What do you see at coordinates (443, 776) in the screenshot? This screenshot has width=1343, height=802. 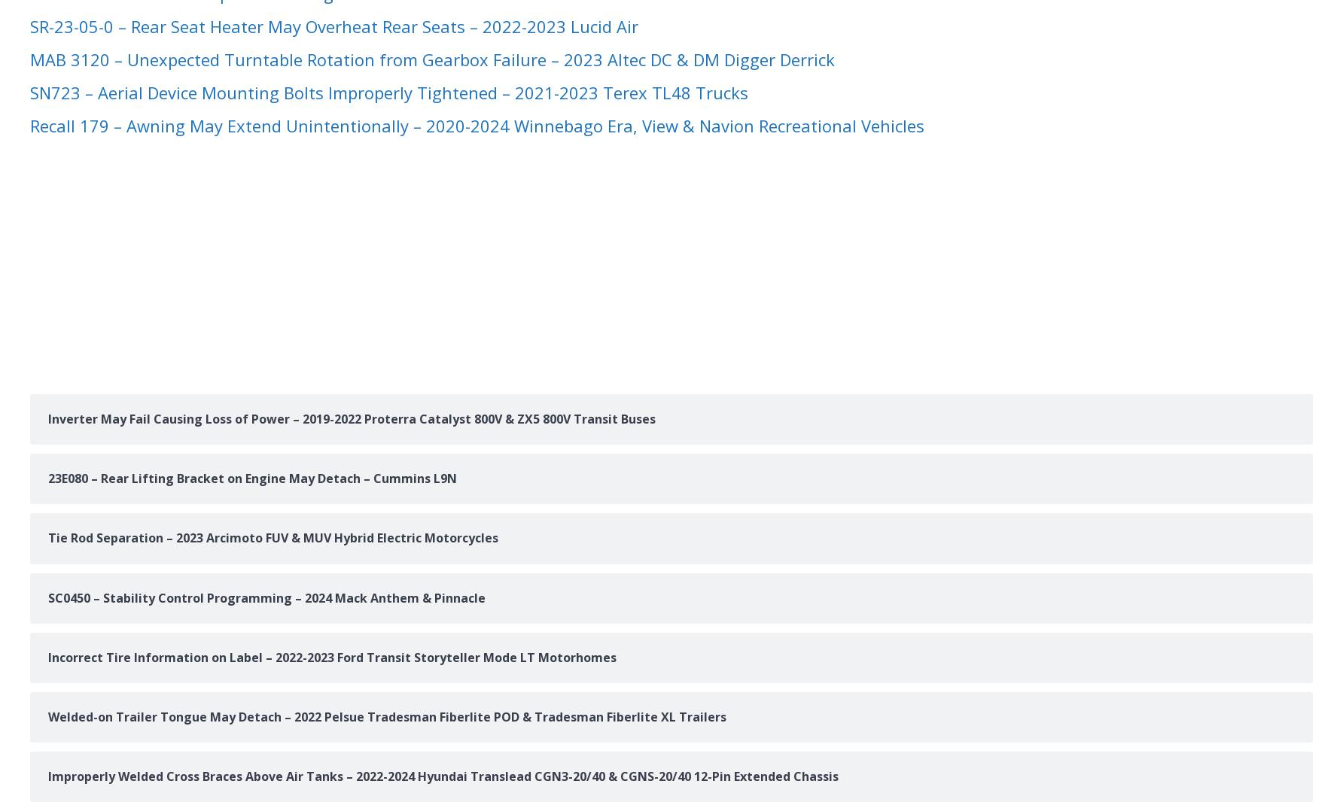 I see `'Improperly Welded Cross Braces Above Air Tanks – 2022-2024 Hyundai Translead CGN3-20/40 & CGNS-20/40 12-Pin Extended Chassis'` at bounding box center [443, 776].